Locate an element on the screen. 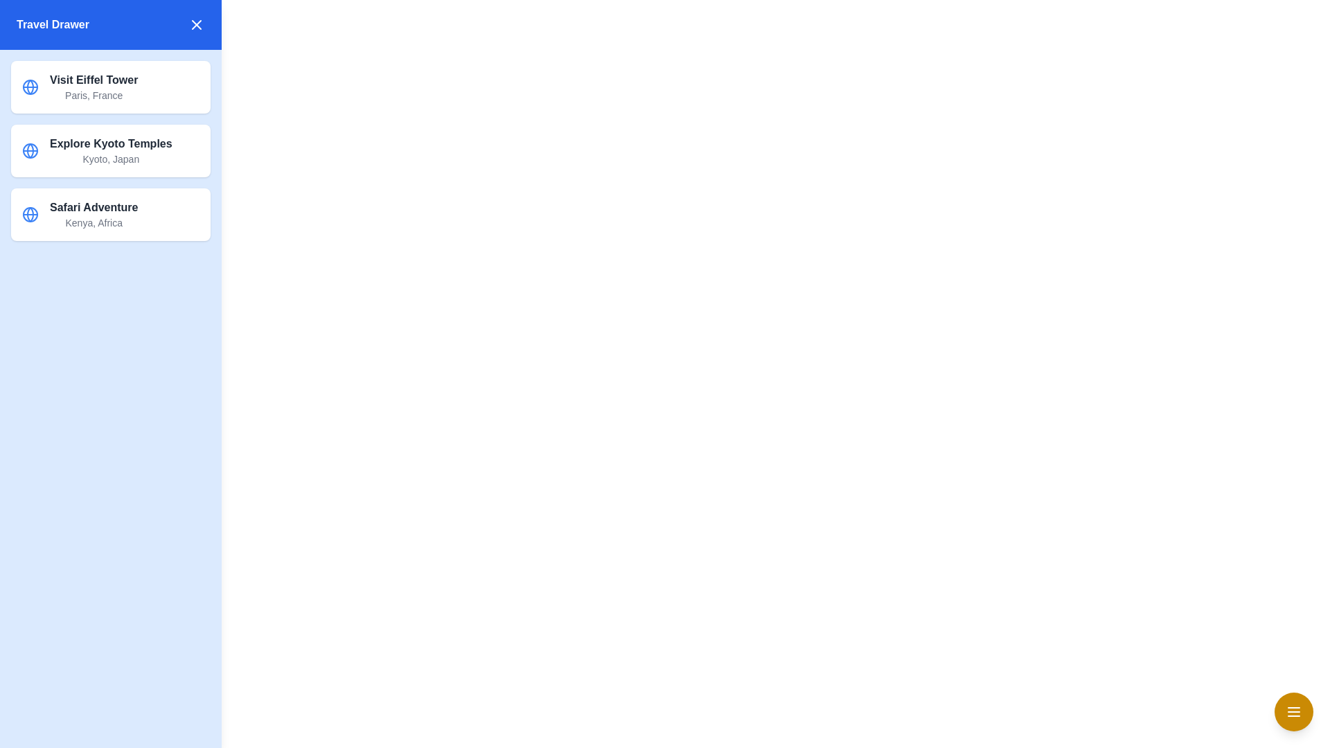 The width and height of the screenshot is (1330, 748). the close button located at the top-right corner of the navigation drawer, adjacent to the title 'Travel Drawer' is located at coordinates (195, 24).